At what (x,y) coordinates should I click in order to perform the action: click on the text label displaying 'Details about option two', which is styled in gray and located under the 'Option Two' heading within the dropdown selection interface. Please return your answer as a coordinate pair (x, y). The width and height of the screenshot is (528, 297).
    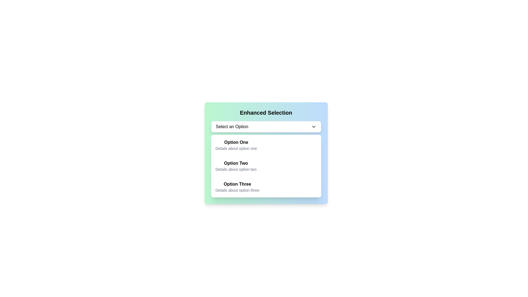
    Looking at the image, I should click on (236, 169).